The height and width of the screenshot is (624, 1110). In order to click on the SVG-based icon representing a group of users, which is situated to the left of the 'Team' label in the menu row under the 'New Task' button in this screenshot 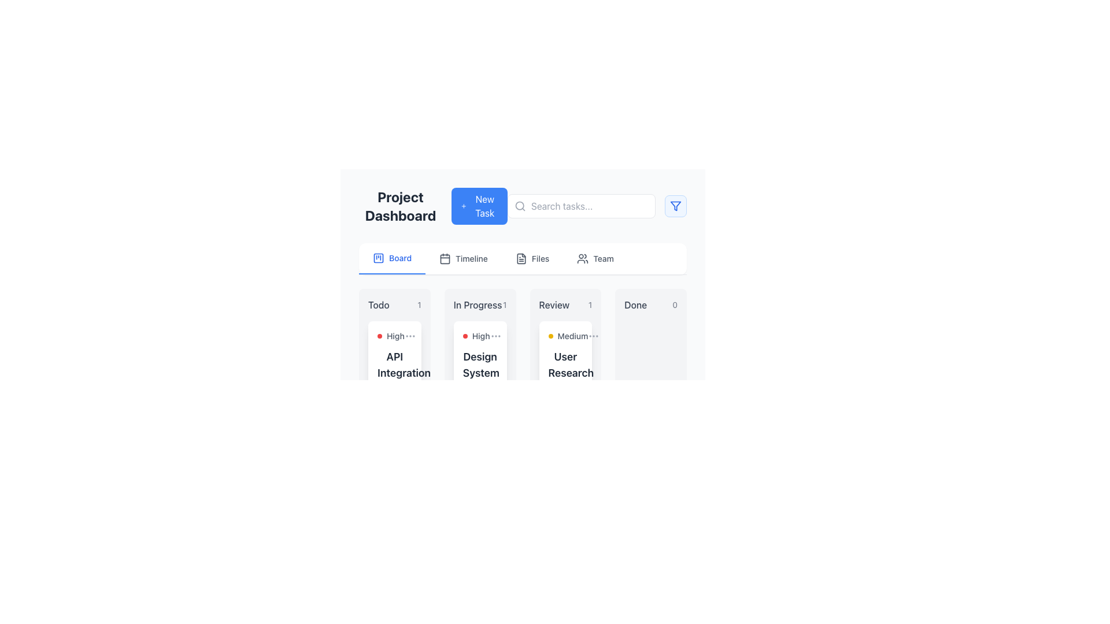, I will do `click(583, 258)`.